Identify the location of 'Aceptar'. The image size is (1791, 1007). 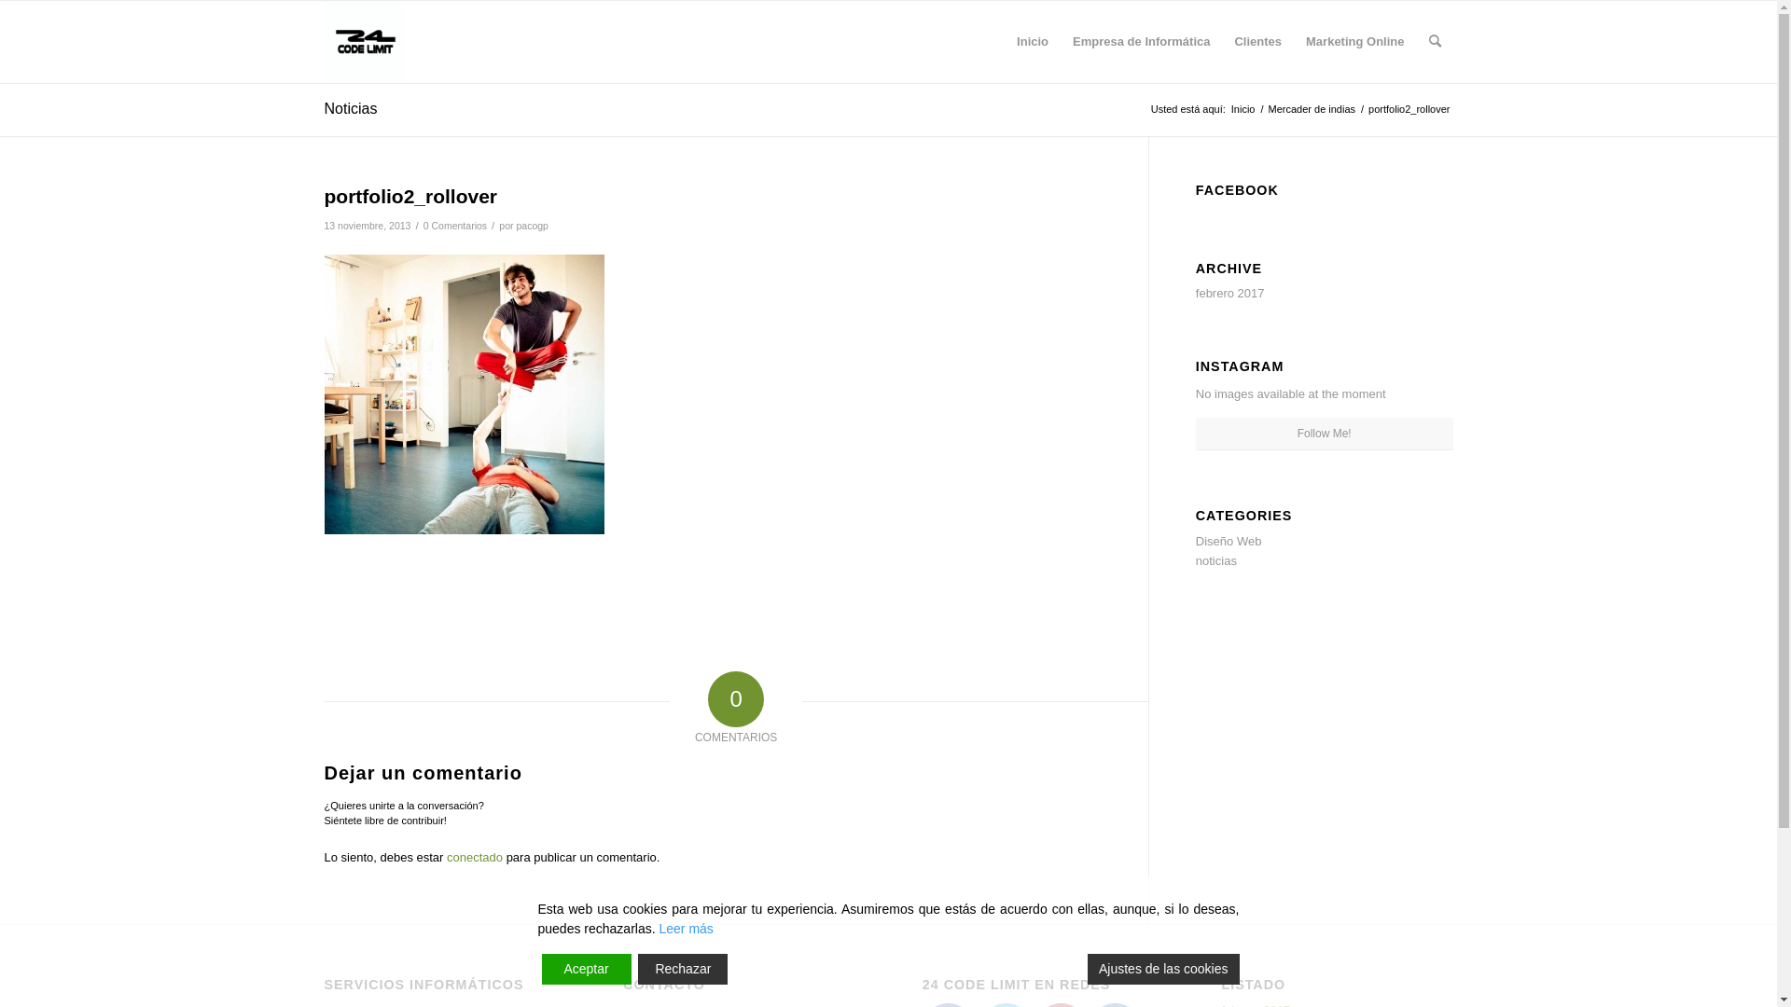
(585, 968).